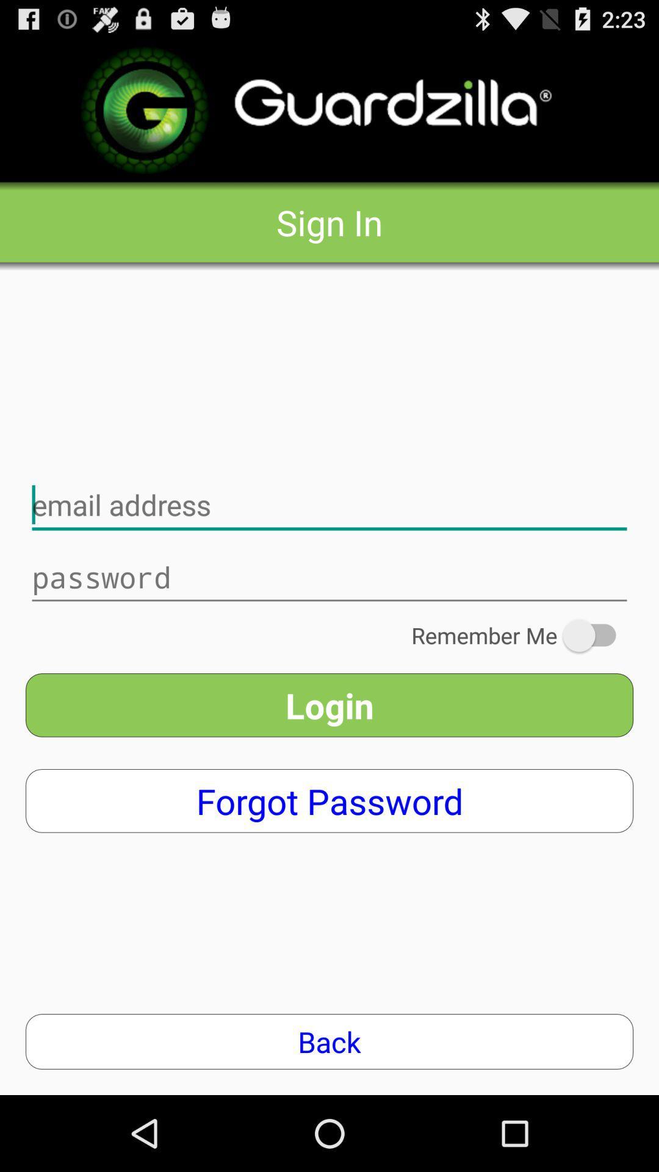 Image resolution: width=659 pixels, height=1172 pixels. I want to click on email, so click(329, 505).